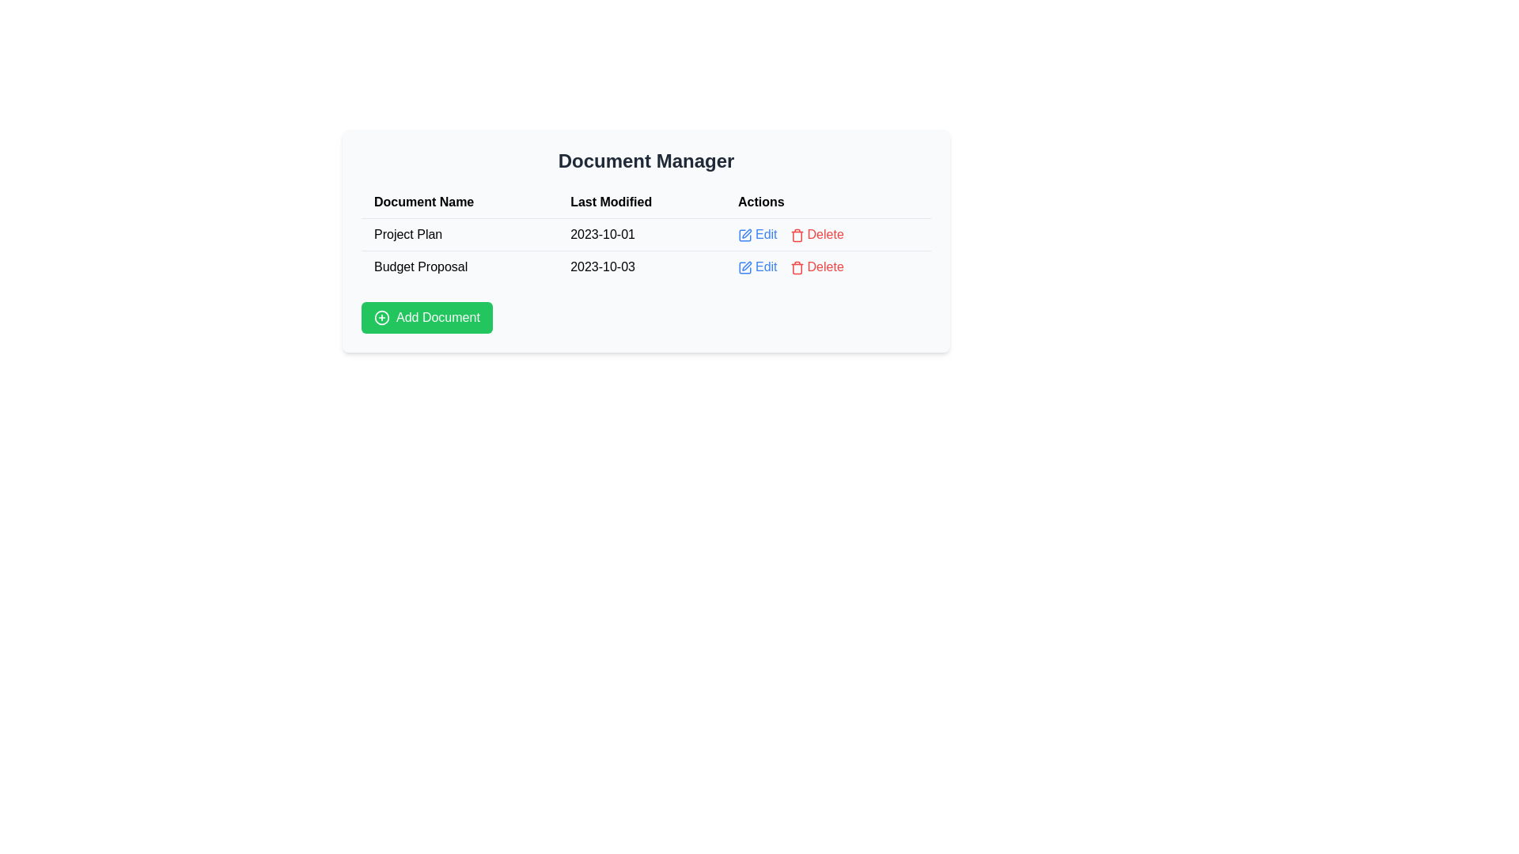 The image size is (1519, 854). Describe the element at coordinates (426, 317) in the screenshot. I see `the button for adding a new document located in the 'Document Manager' section, below the table listing documents` at that location.